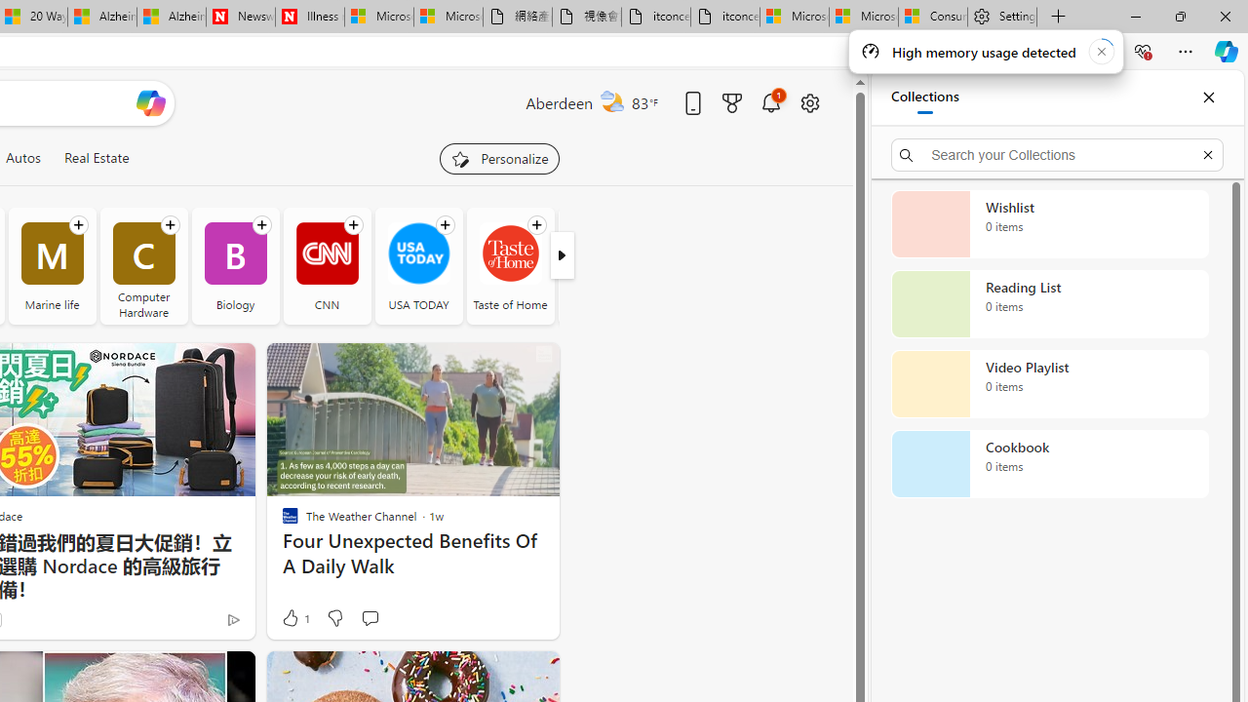 The width and height of the screenshot is (1248, 702). I want to click on 'Real Estate', so click(95, 157).